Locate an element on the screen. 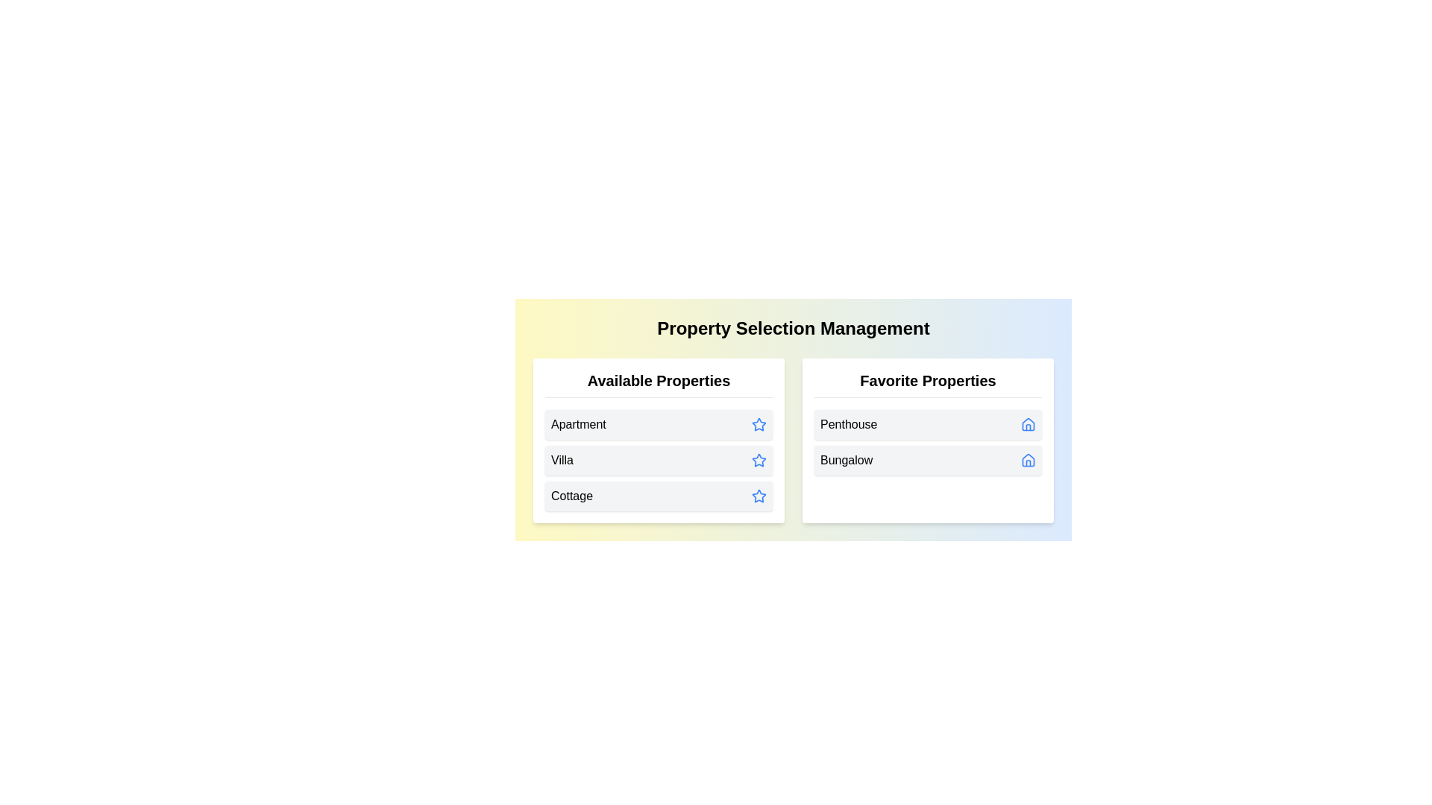  star icon next to the property Villa in the 'Available Properties' list to transfer it to 'Favorite Properties' is located at coordinates (759, 459).